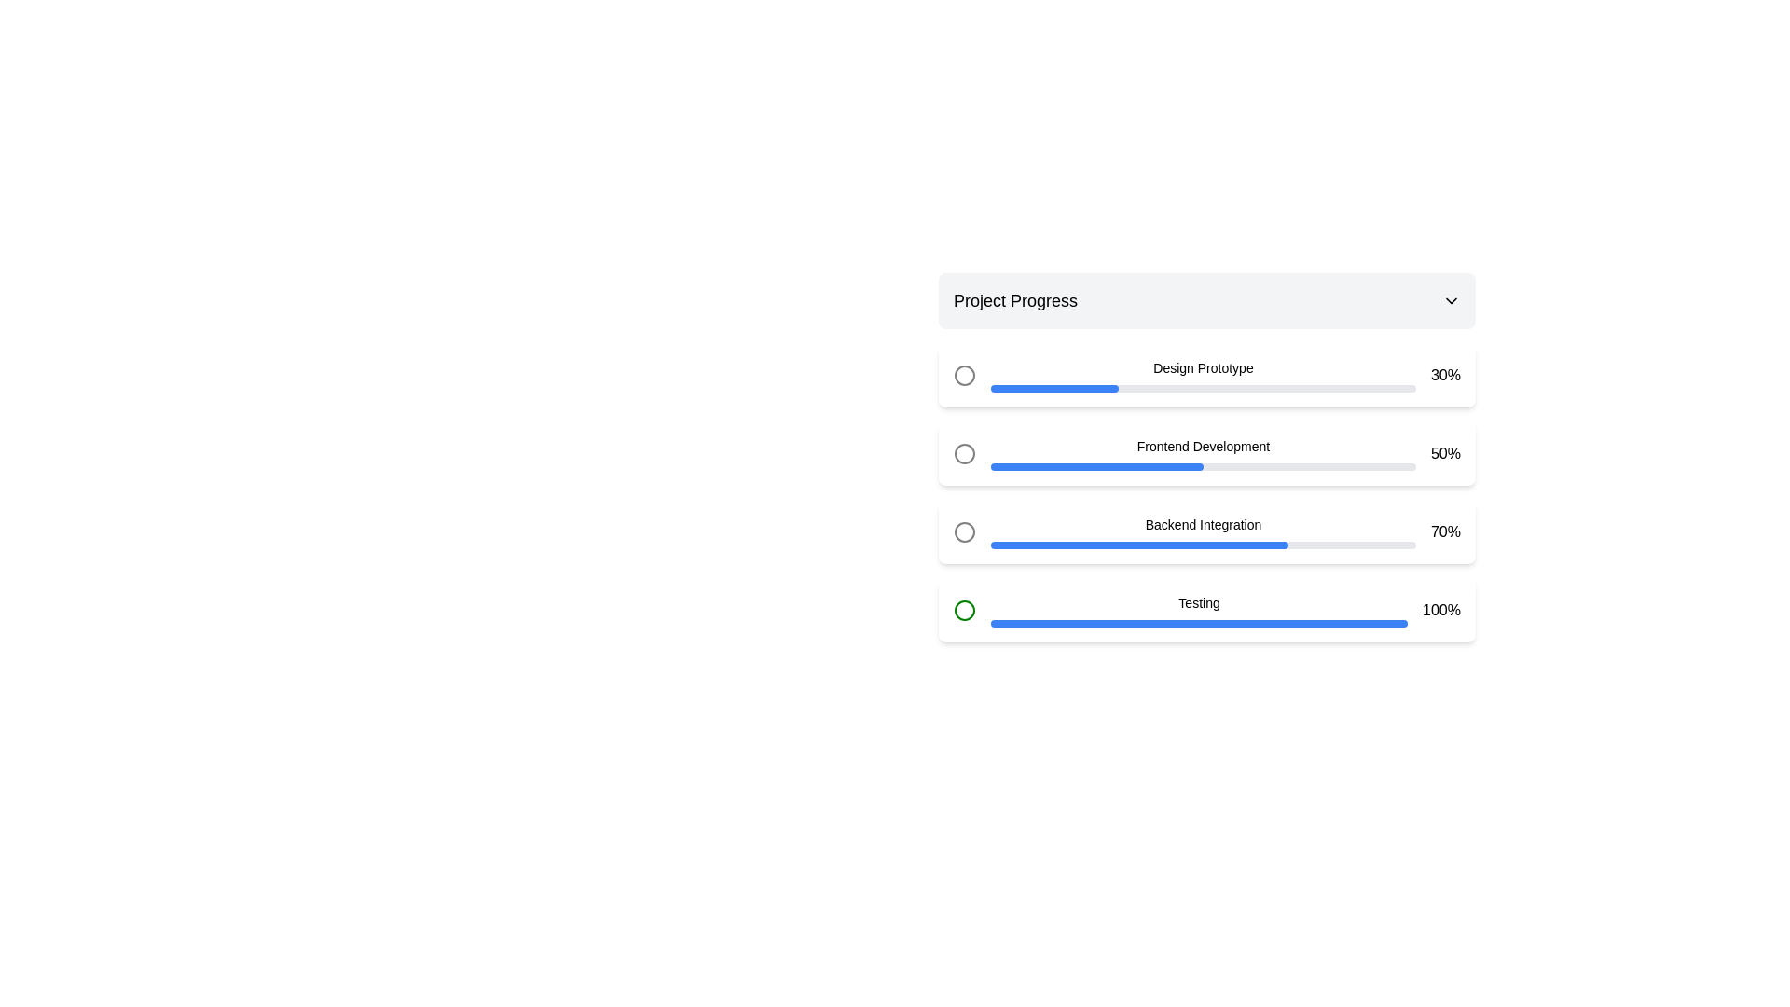  Describe the element at coordinates (1444, 453) in the screenshot. I see `text displayed in the progress label for the 'Frontend Development' task, which is horizontally aligned with the corresponding progress bar and vertically centered within the section` at that location.